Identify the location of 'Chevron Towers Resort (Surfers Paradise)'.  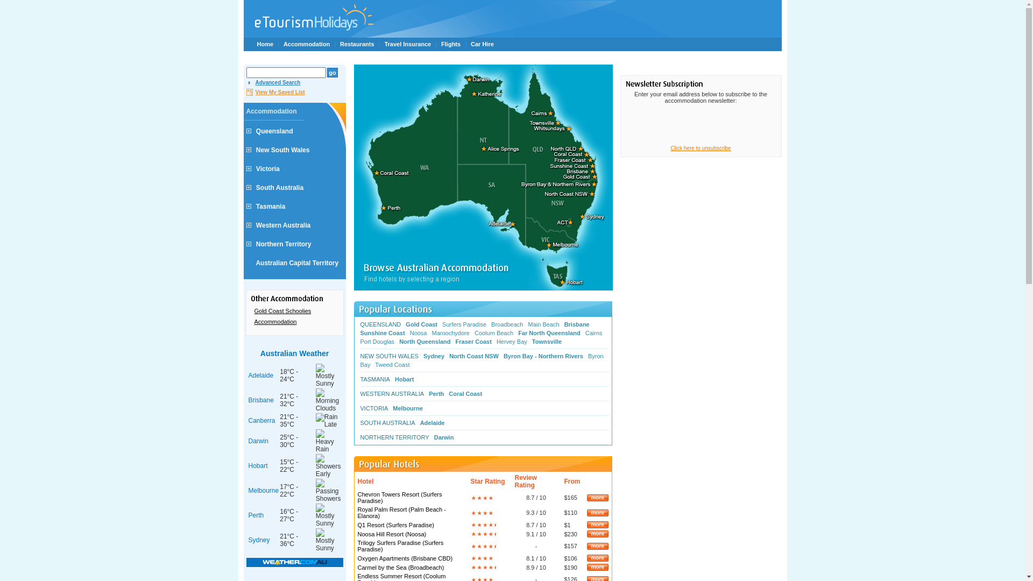
(357, 498).